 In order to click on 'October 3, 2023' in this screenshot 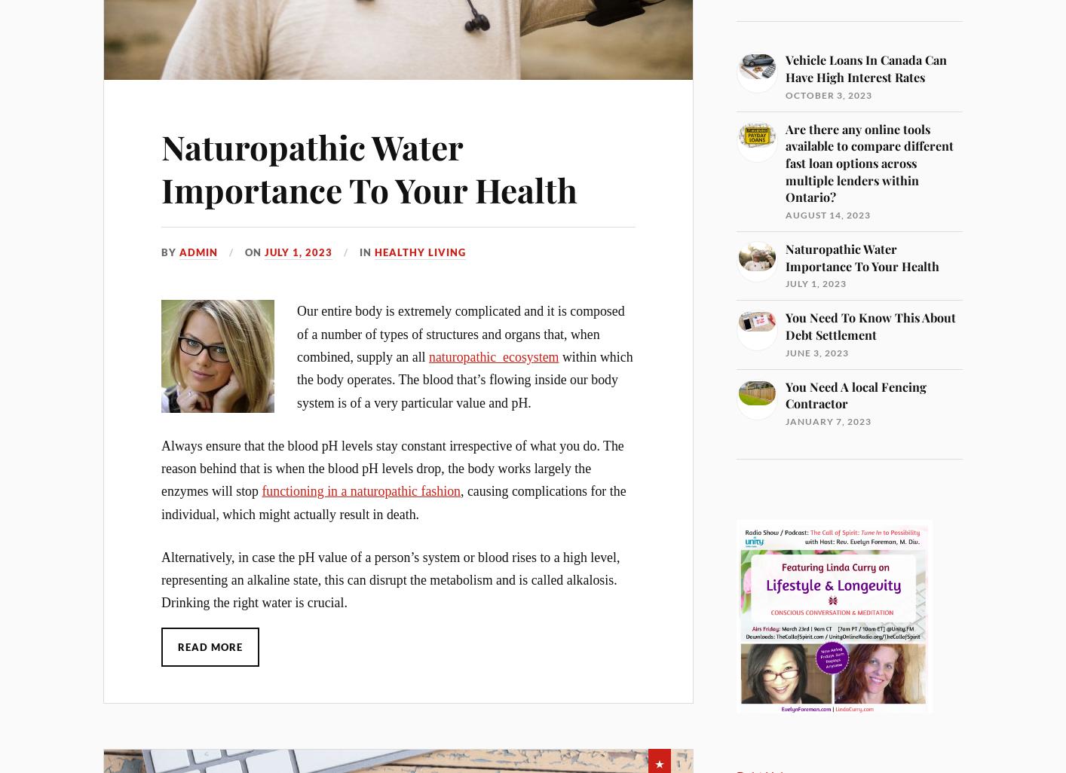, I will do `click(829, 94)`.